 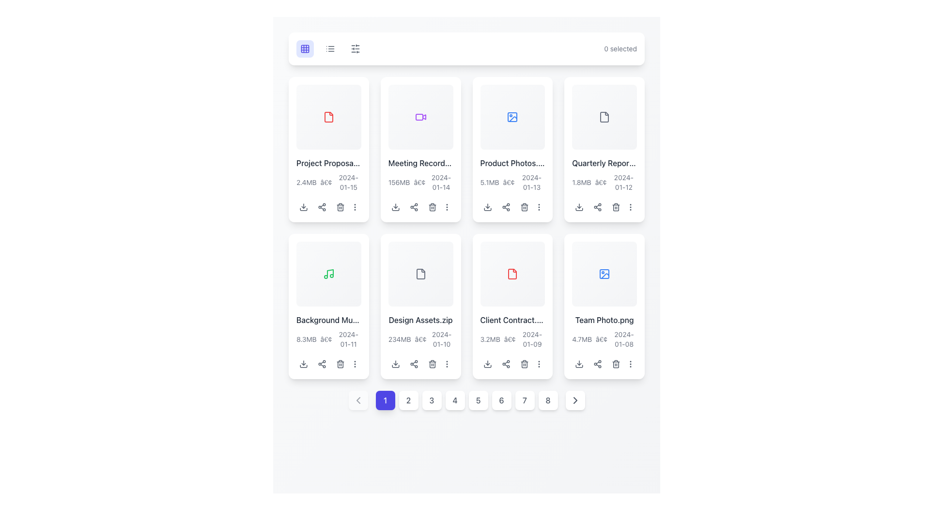 What do you see at coordinates (304, 48) in the screenshot?
I see `the grid icon located at the top-left corner of the interface` at bounding box center [304, 48].